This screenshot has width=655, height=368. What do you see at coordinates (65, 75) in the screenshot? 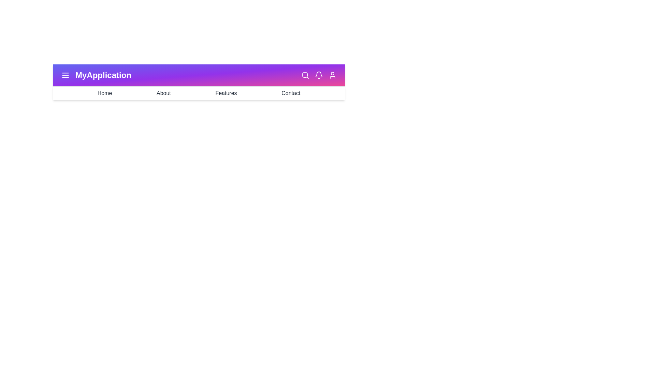
I see `the menu icon to toggle the menu visibility` at bounding box center [65, 75].